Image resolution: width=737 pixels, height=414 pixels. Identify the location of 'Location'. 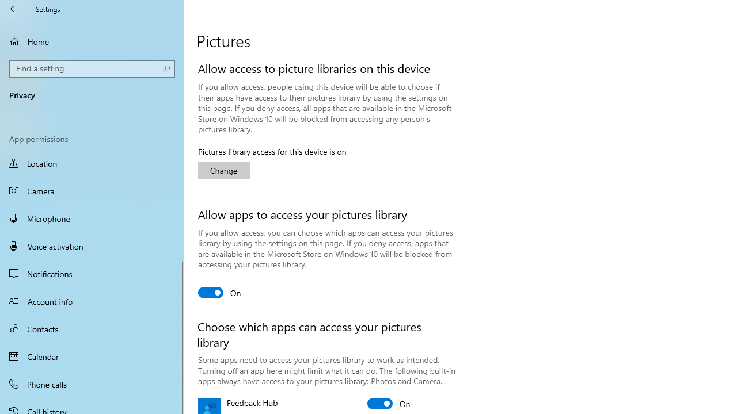
(92, 164).